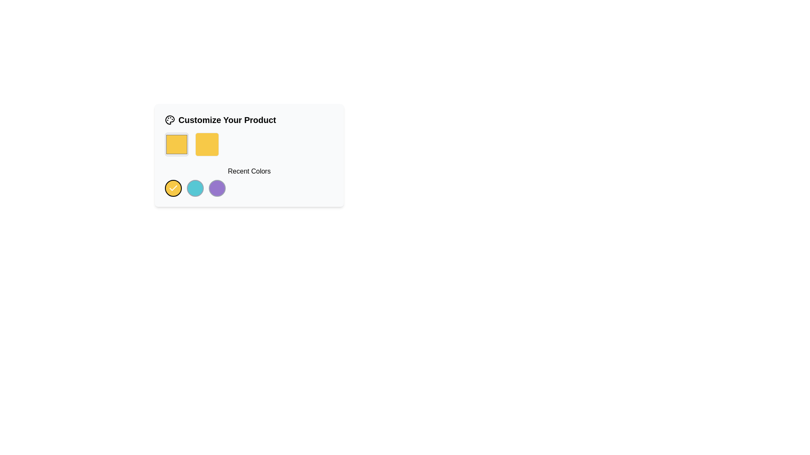 This screenshot has width=810, height=455. I want to click on the square button with a yellow background and gray border located in the 'Customize Your Product' section, so click(176, 144).